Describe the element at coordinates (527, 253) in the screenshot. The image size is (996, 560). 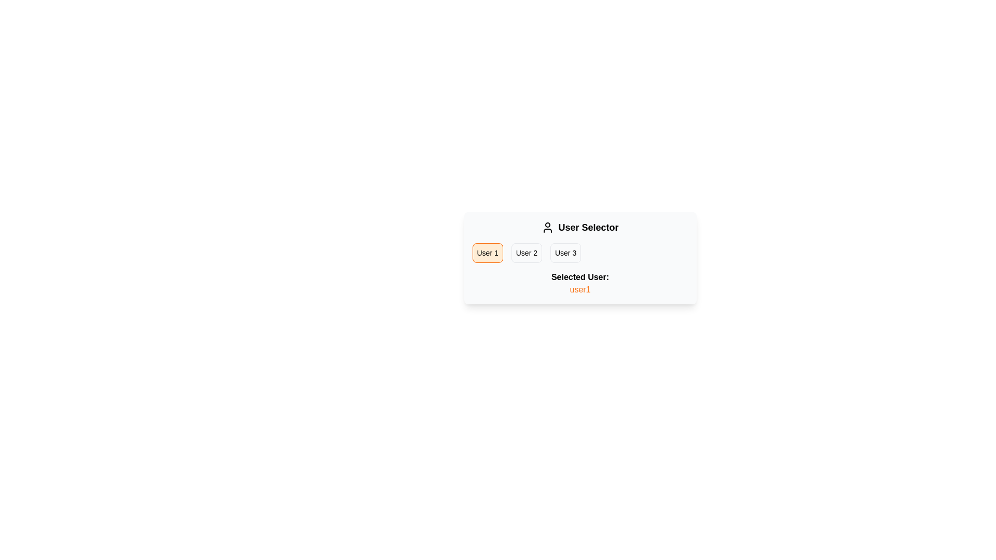
I see `the 'User 2' button, which is a rounded rectangle with a light gray border and a white background, positioned under the 'User Selector' label` at that location.